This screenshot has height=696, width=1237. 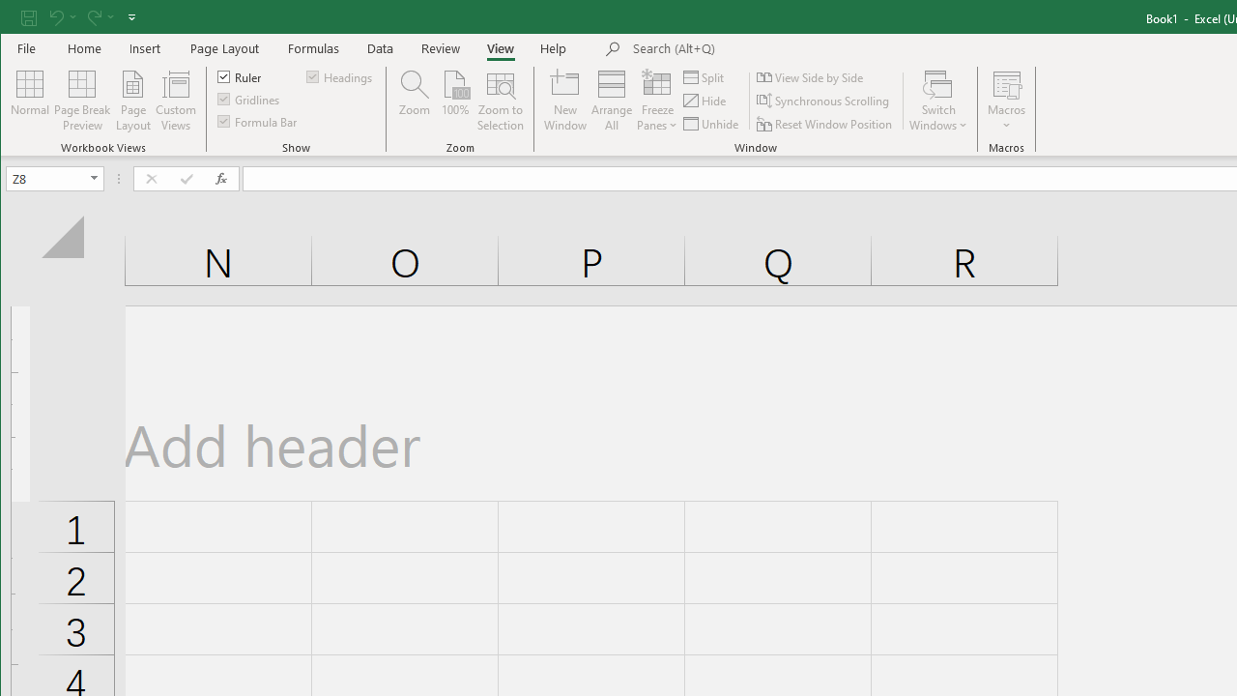 I want to click on 'Switch Windows', so click(x=938, y=101).